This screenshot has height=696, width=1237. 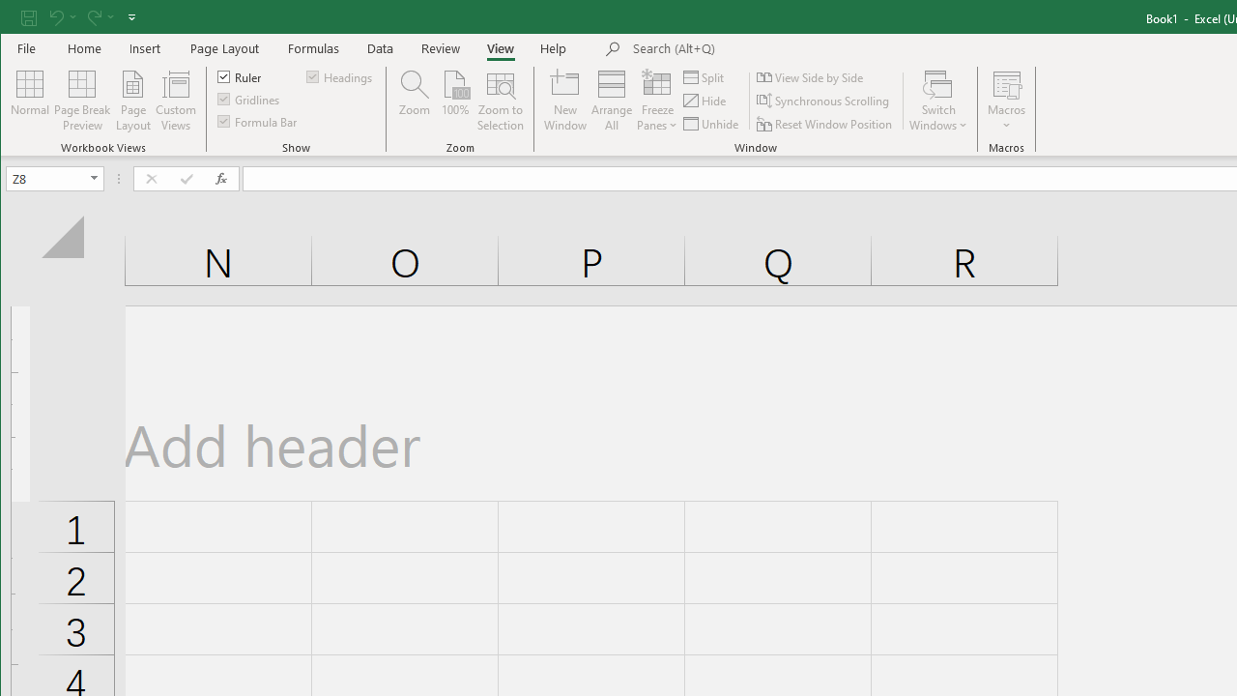 I want to click on 'Switch Windows', so click(x=938, y=101).